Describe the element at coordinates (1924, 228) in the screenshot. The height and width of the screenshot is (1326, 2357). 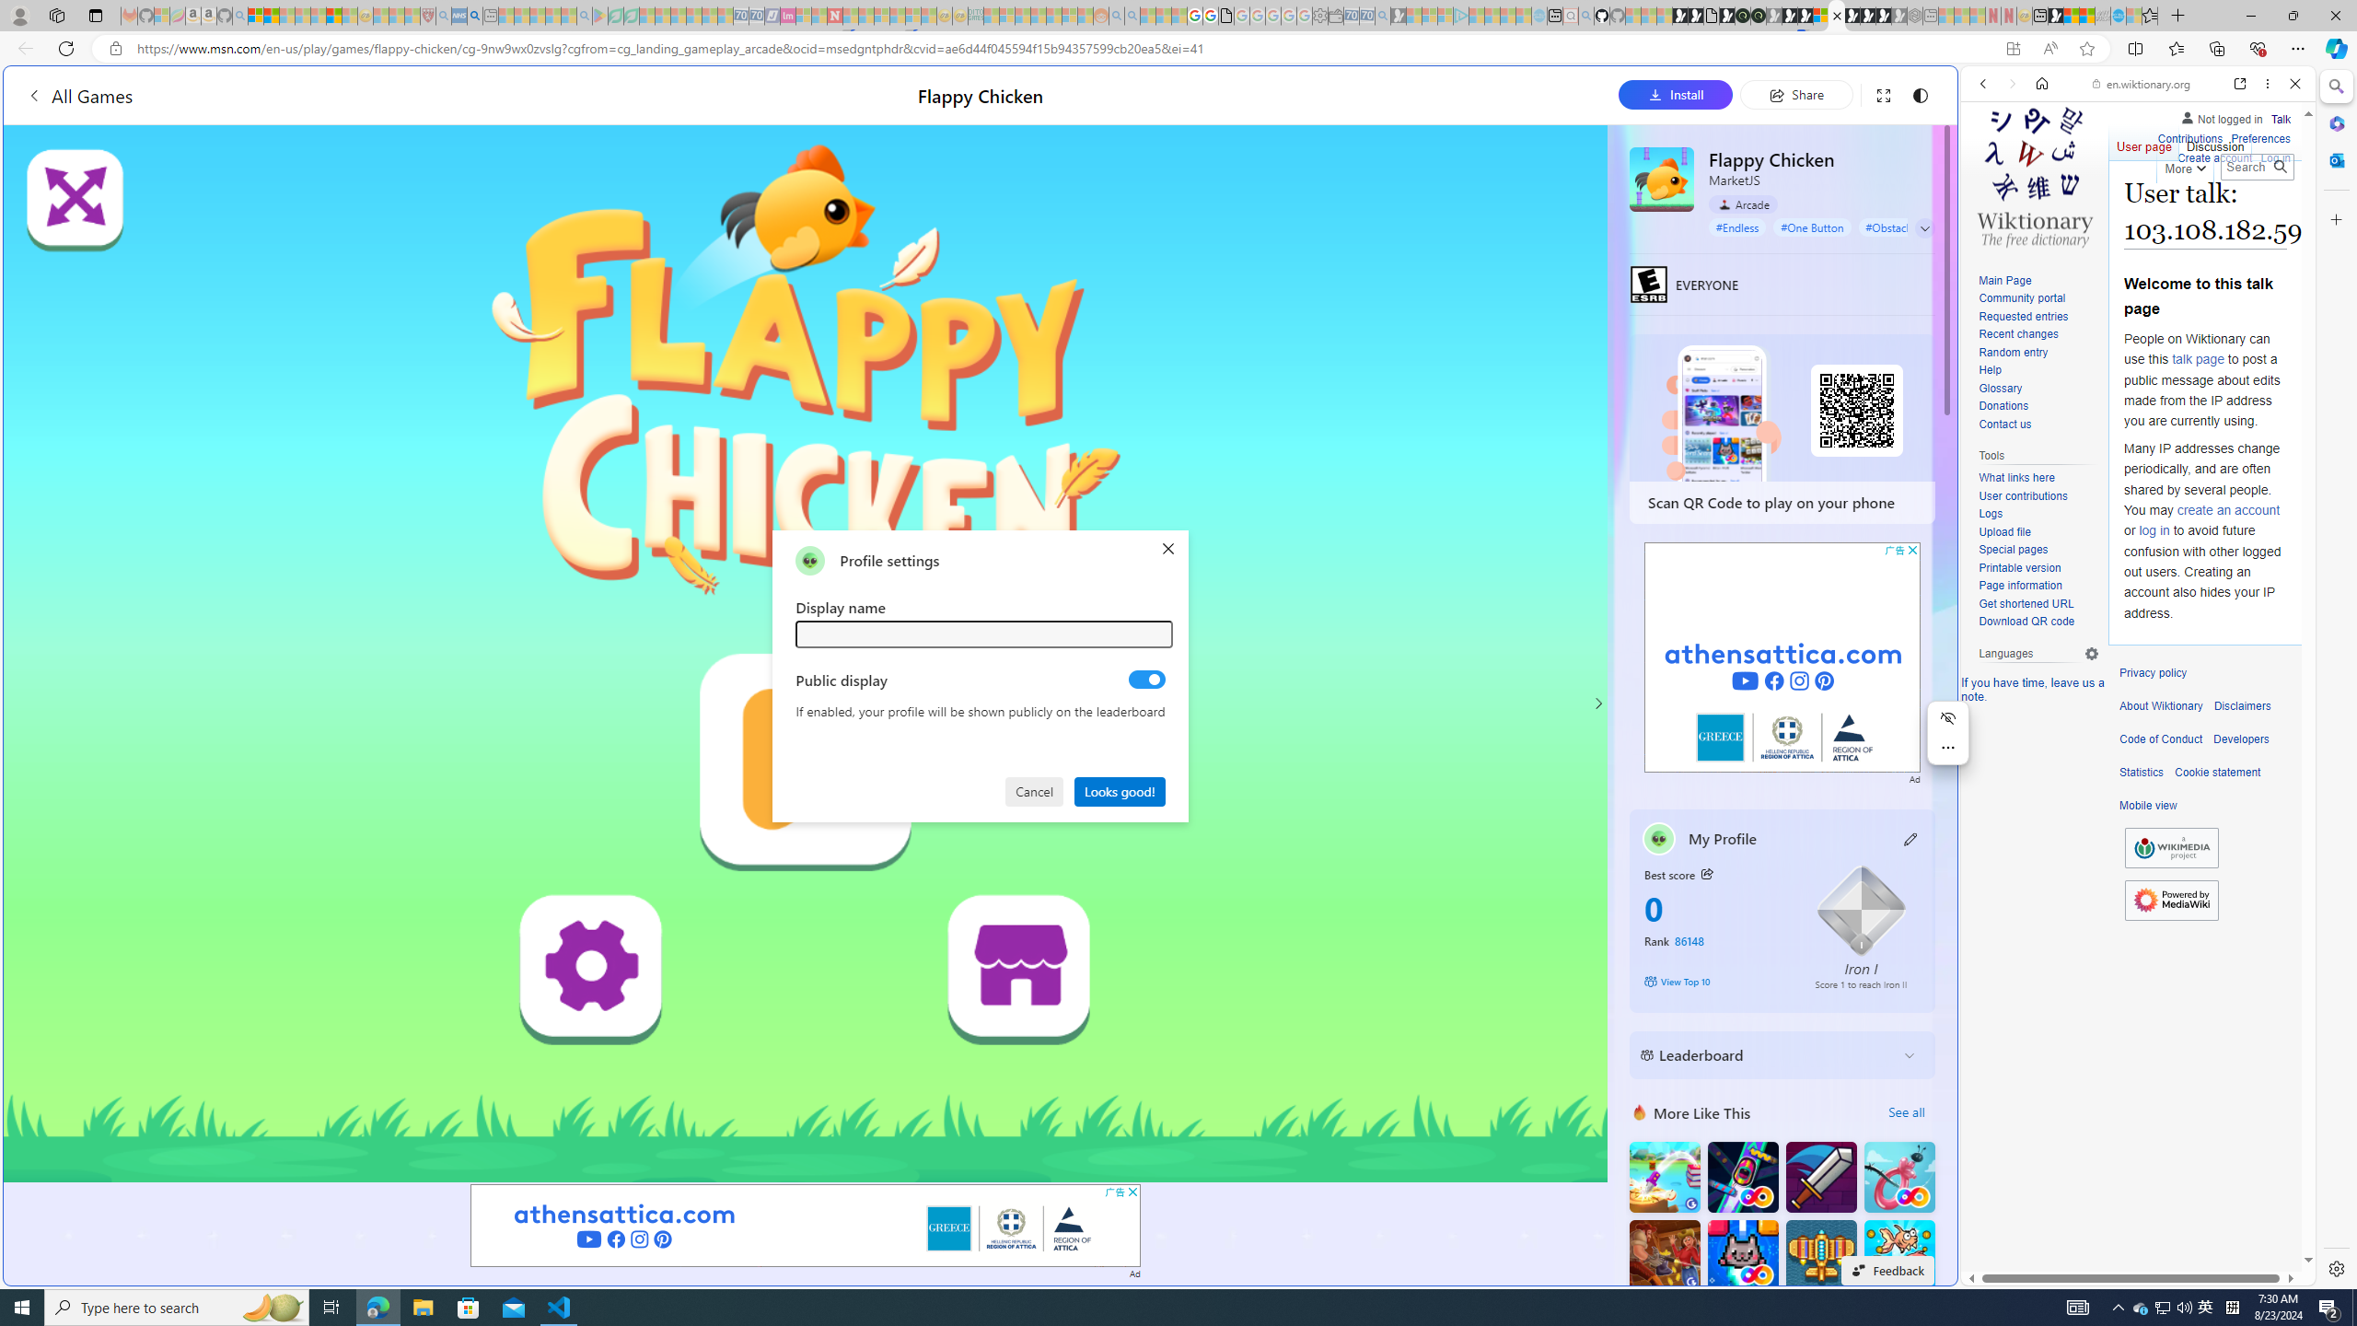
I see `'Class: expand-arrow neutral'` at that location.